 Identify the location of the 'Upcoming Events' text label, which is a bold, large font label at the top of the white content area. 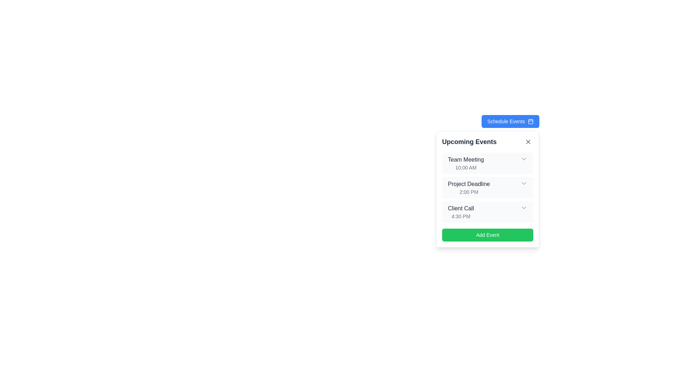
(469, 142).